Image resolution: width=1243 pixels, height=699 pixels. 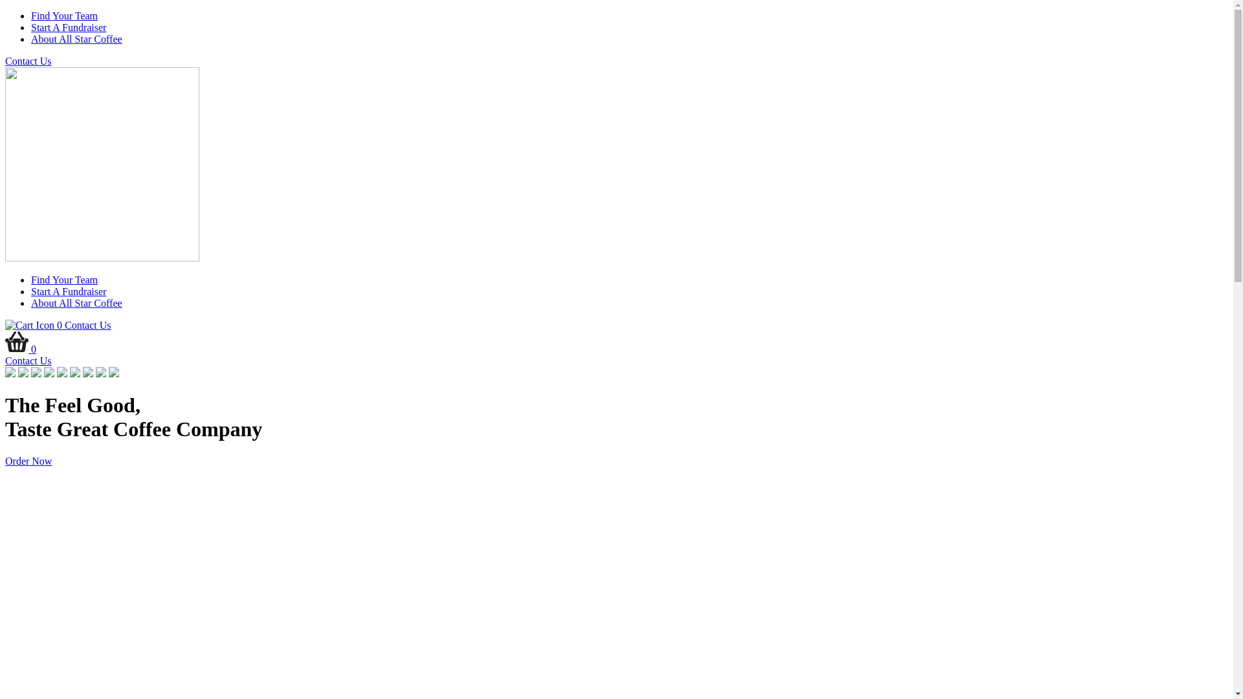 I want to click on 'About All Star Coffee', so click(x=76, y=303).